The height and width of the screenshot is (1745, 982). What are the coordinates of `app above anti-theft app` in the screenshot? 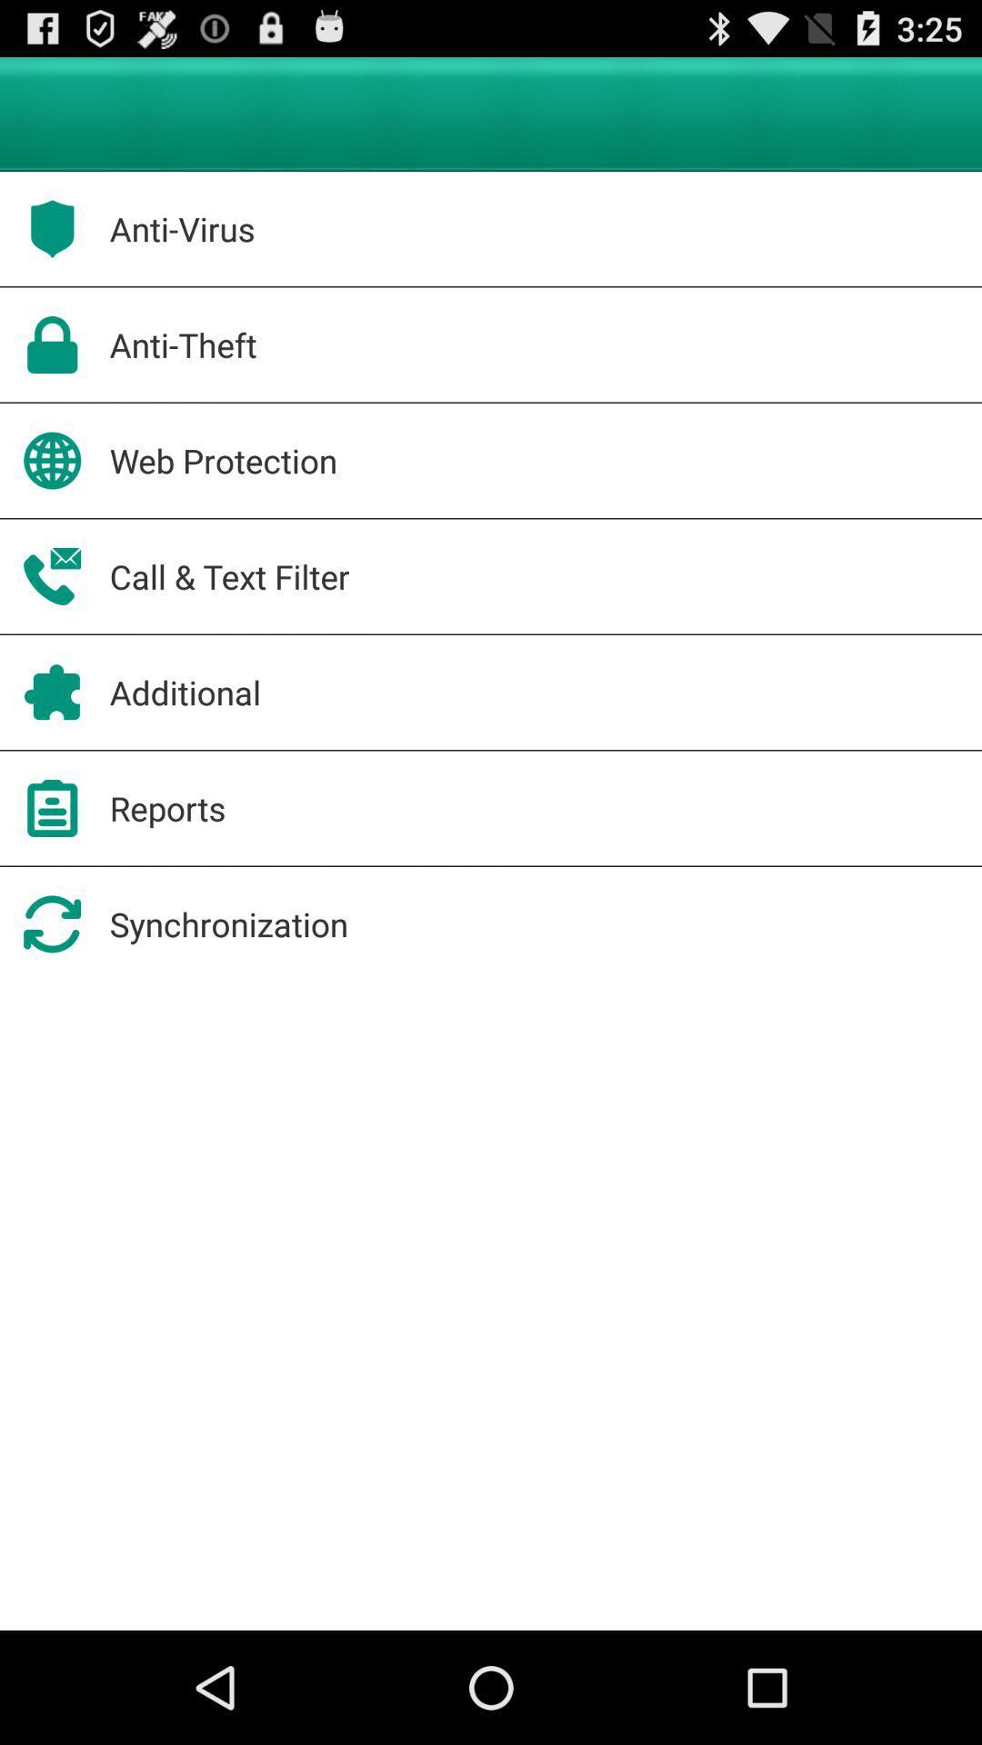 It's located at (182, 228).